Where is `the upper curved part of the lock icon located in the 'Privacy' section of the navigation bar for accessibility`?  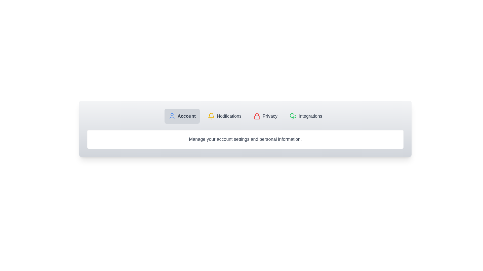 the upper curved part of the lock icon located in the 'Privacy' section of the navigation bar for accessibility is located at coordinates (257, 114).